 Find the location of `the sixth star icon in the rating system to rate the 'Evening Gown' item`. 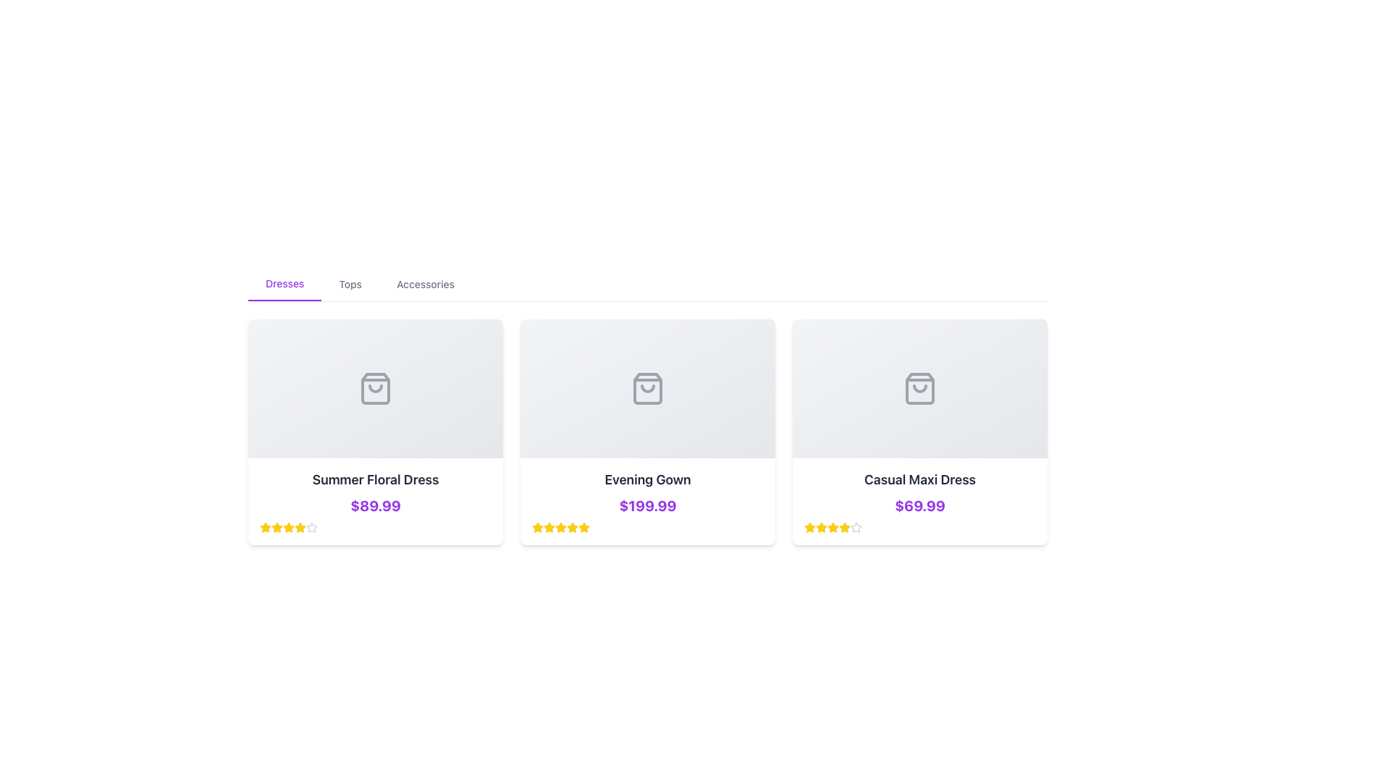

the sixth star icon in the rating system to rate the 'Evening Gown' item is located at coordinates (572, 528).